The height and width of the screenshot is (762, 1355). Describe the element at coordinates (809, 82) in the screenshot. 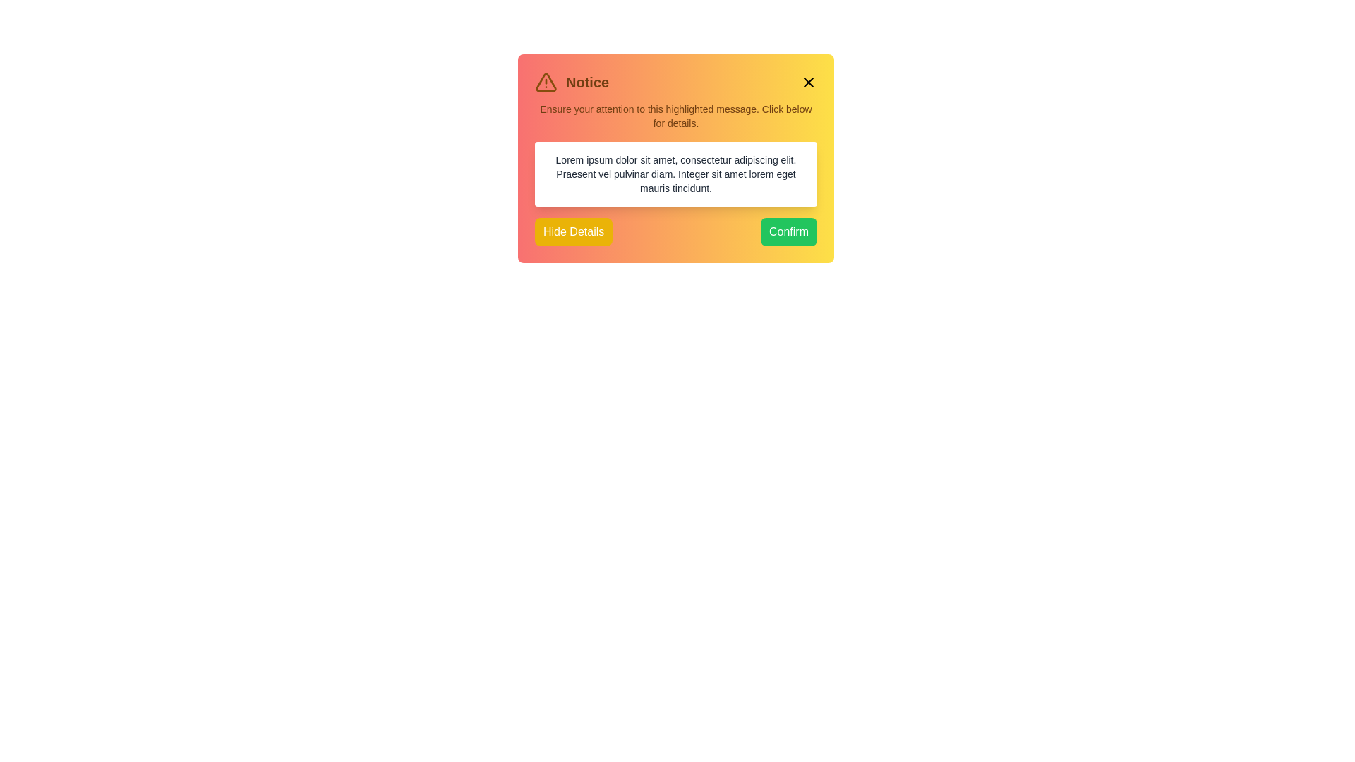

I see `close button (X) to dismiss the alert` at that location.